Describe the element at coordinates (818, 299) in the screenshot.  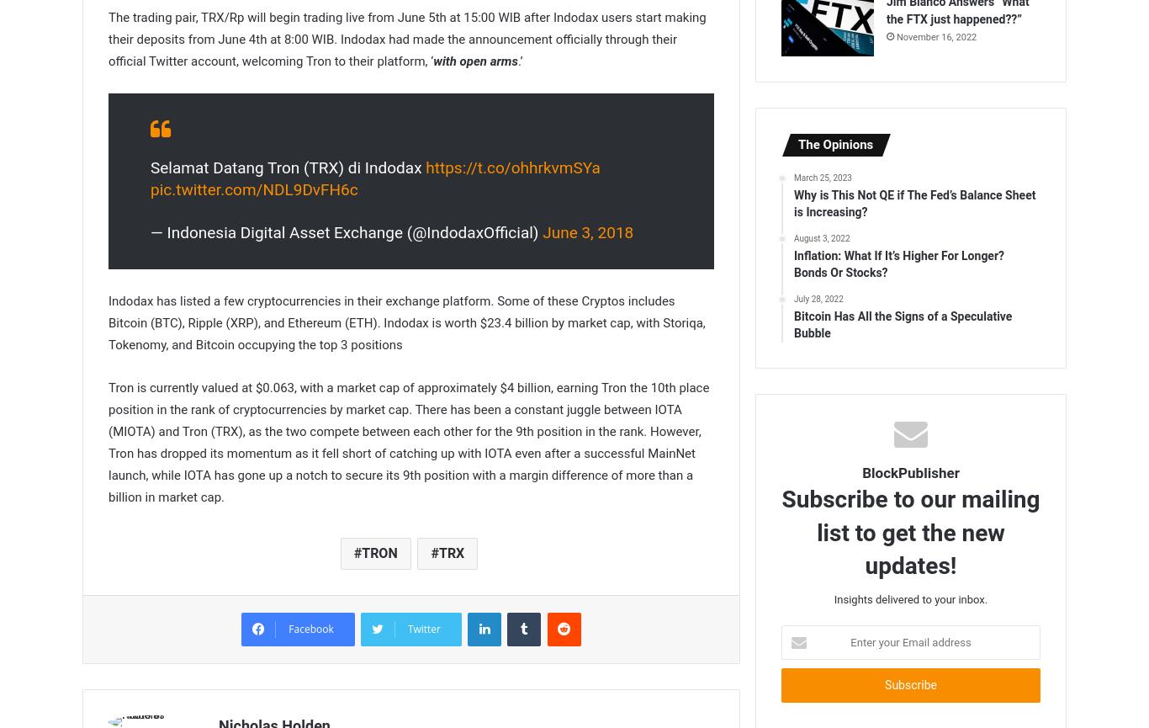
I see `'July 28, 2022'` at that location.